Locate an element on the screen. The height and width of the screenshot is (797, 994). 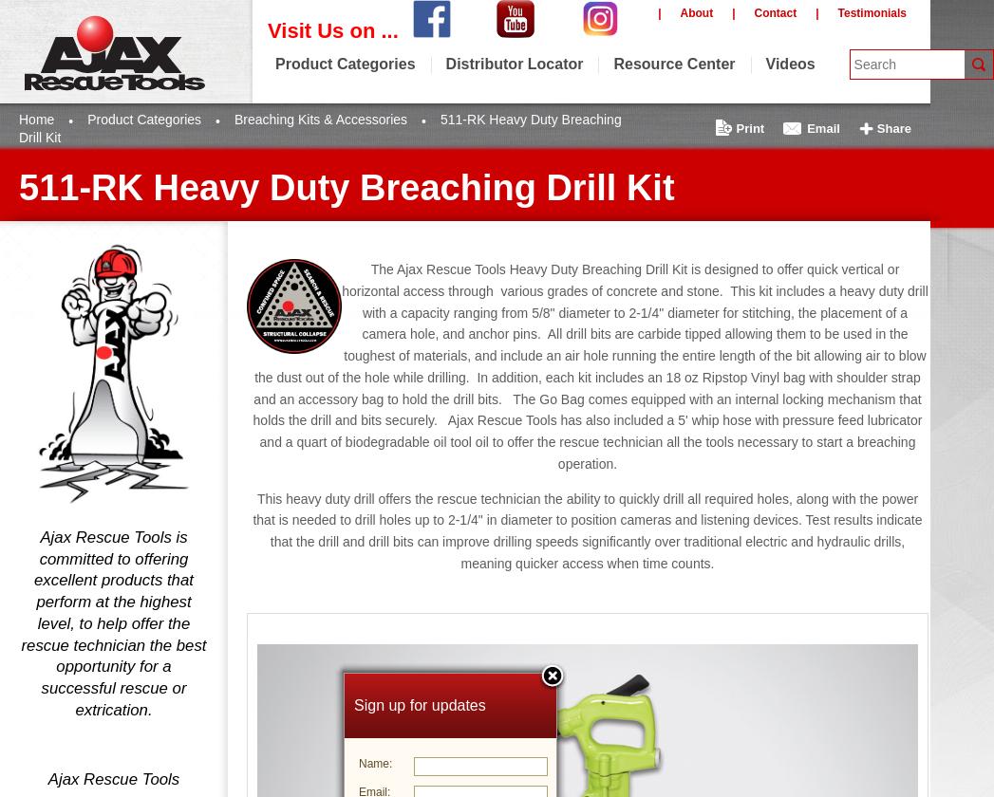
'Videos' is located at coordinates (763, 64).